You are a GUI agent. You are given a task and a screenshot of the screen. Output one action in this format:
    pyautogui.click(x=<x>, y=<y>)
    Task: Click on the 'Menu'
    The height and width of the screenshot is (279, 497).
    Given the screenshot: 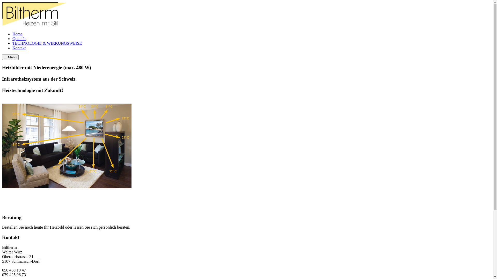 What is the action you would take?
    pyautogui.click(x=10, y=57)
    